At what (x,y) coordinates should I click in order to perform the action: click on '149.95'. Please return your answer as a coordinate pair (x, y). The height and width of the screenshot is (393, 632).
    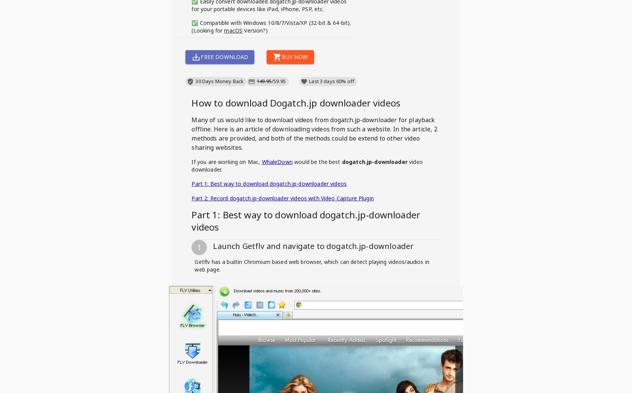
    Looking at the image, I should click on (264, 81).